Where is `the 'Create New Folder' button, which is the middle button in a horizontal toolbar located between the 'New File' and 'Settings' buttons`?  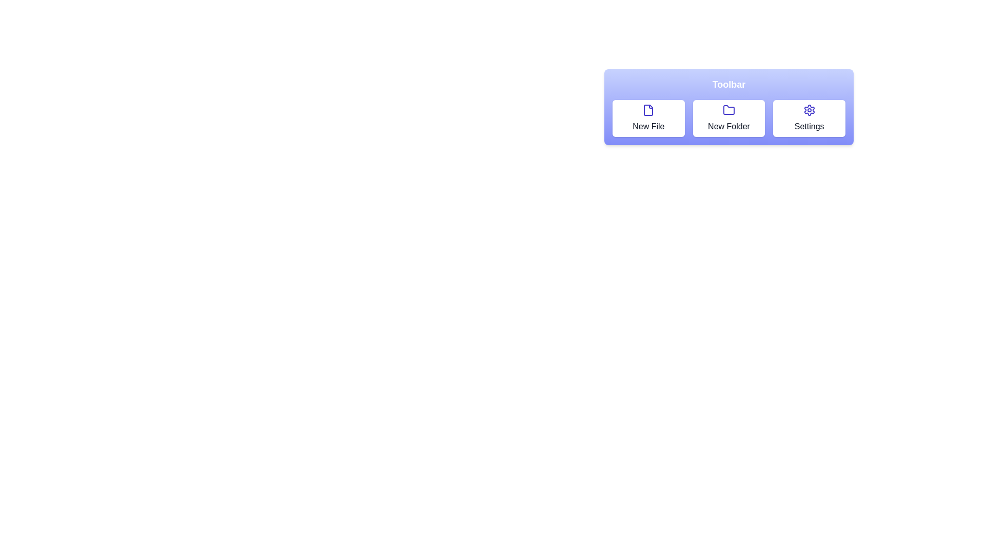 the 'Create New Folder' button, which is the middle button in a horizontal toolbar located between the 'New File' and 'Settings' buttons is located at coordinates (728, 118).